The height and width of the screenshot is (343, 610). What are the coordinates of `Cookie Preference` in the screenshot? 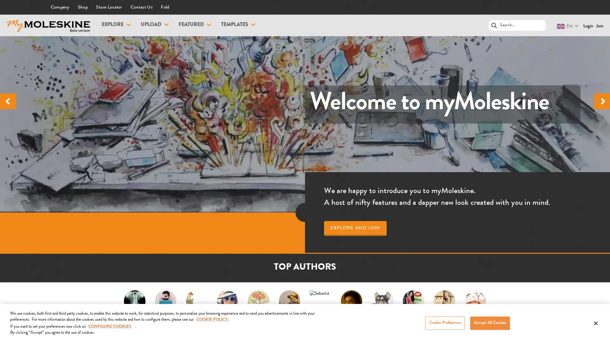 It's located at (444, 323).